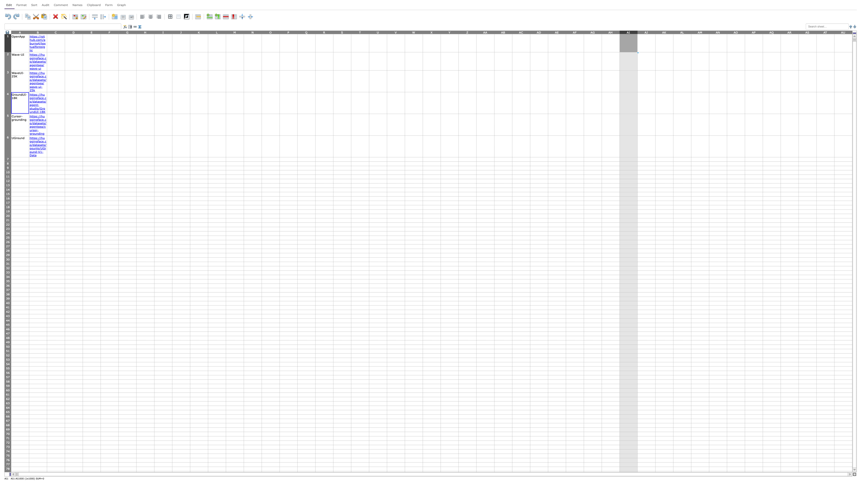  What do you see at coordinates (646, 32) in the screenshot?
I see `to activate column AJ` at bounding box center [646, 32].